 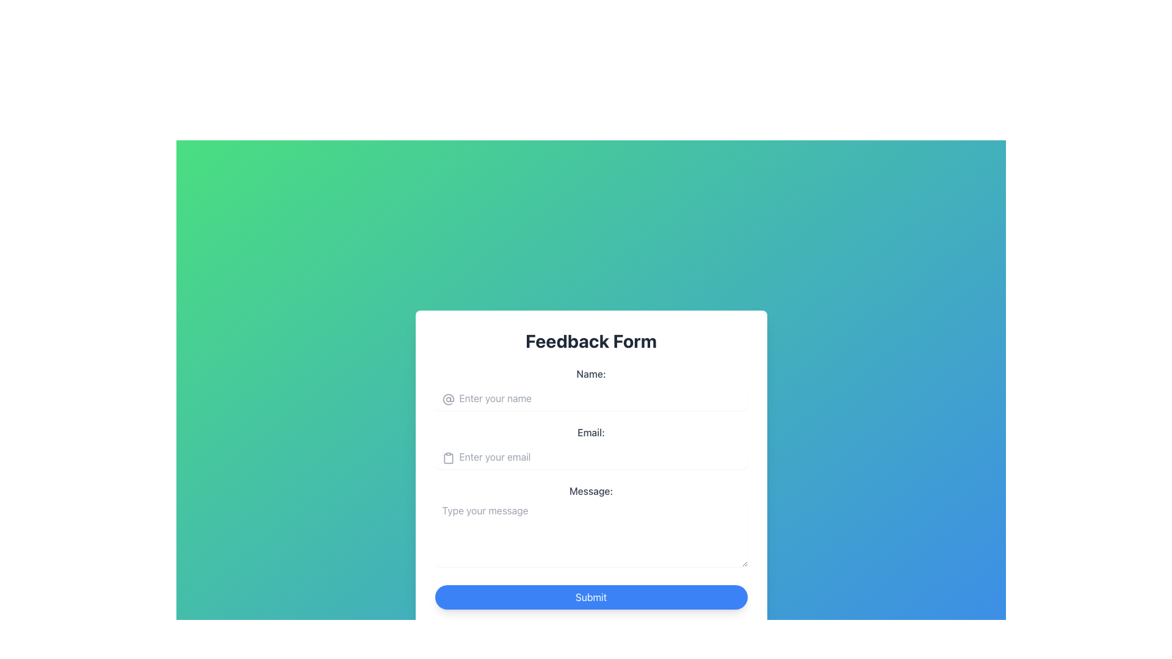 I want to click on the '@' icon located at the top-left corner of the 'Name' input field, which suggests an email-related input format, so click(x=447, y=400).